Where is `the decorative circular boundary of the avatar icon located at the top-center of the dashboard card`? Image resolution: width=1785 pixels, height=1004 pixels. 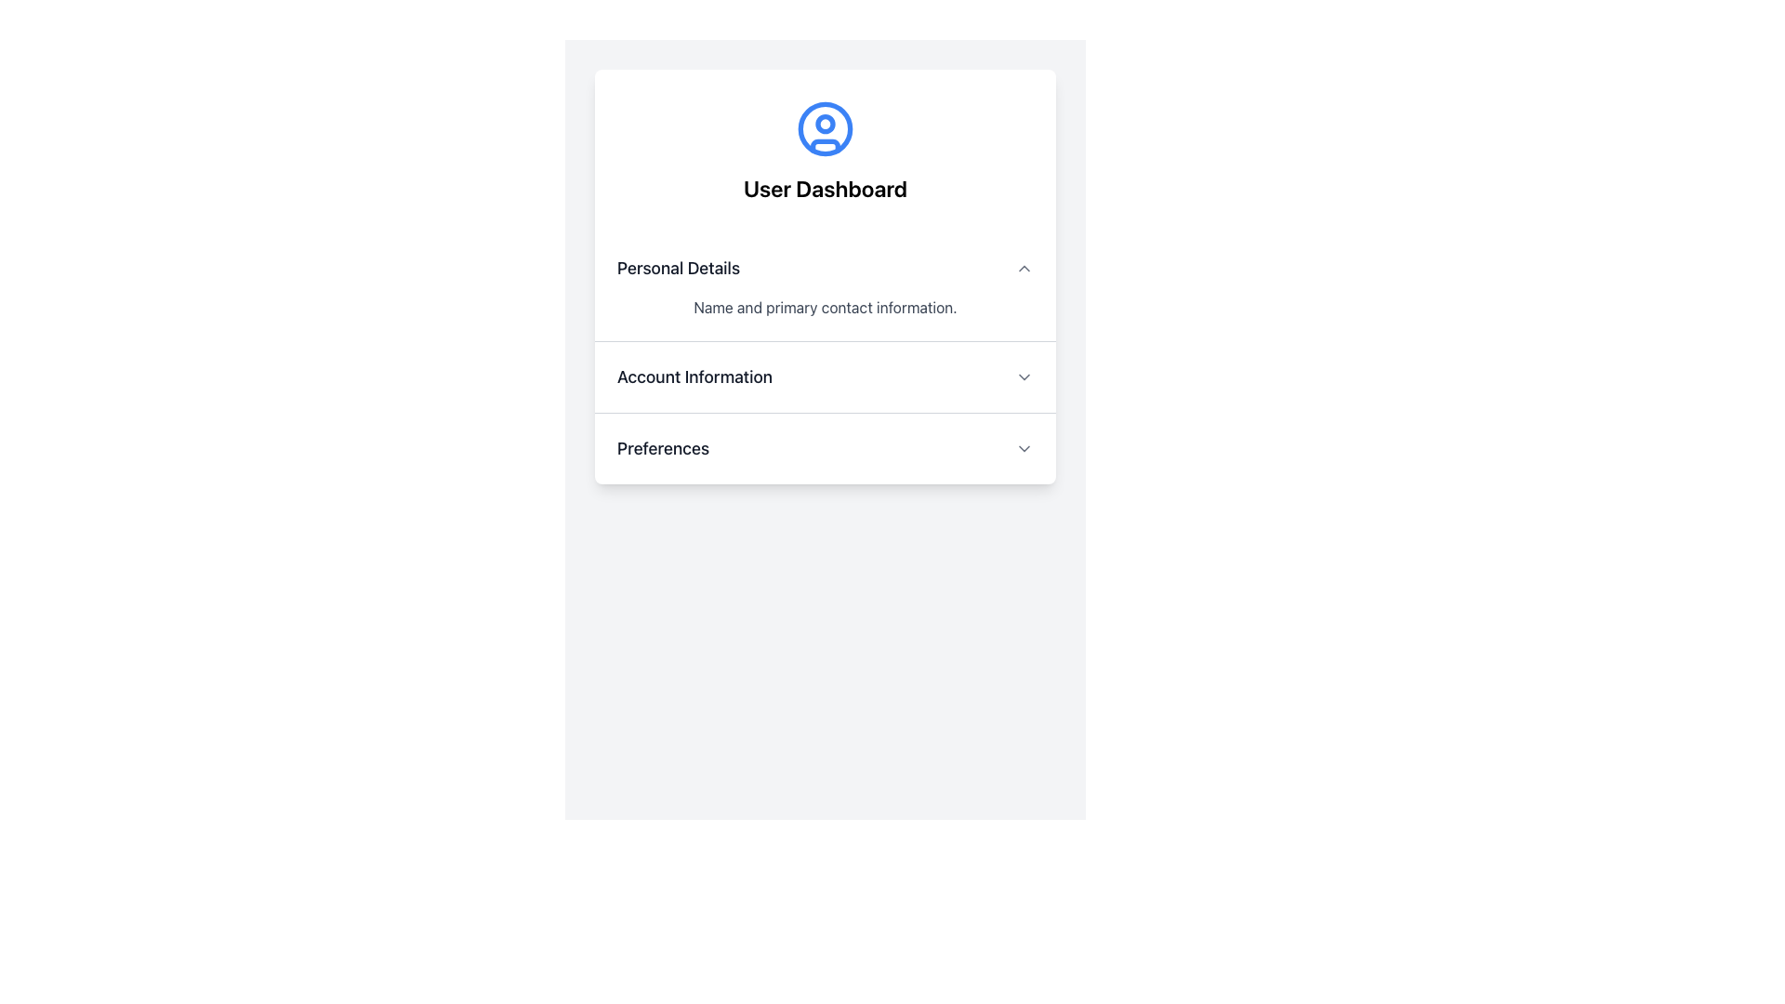
the decorative circular boundary of the avatar icon located at the top-center of the dashboard card is located at coordinates (825, 127).